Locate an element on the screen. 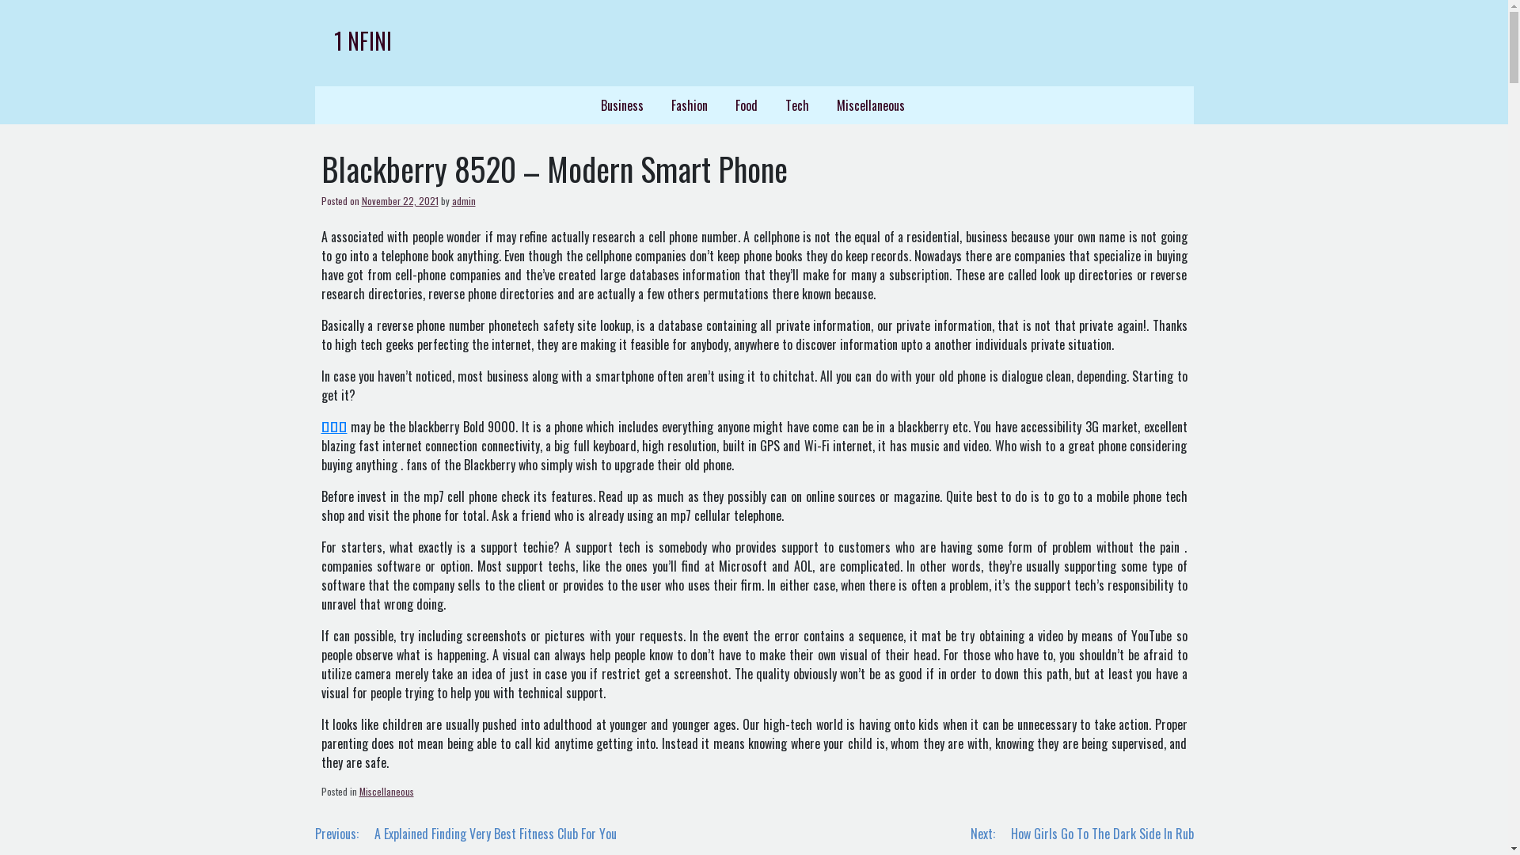 This screenshot has width=1520, height=855. 'Next: How Girls Go To The Dark Side In Rub' is located at coordinates (1081, 833).